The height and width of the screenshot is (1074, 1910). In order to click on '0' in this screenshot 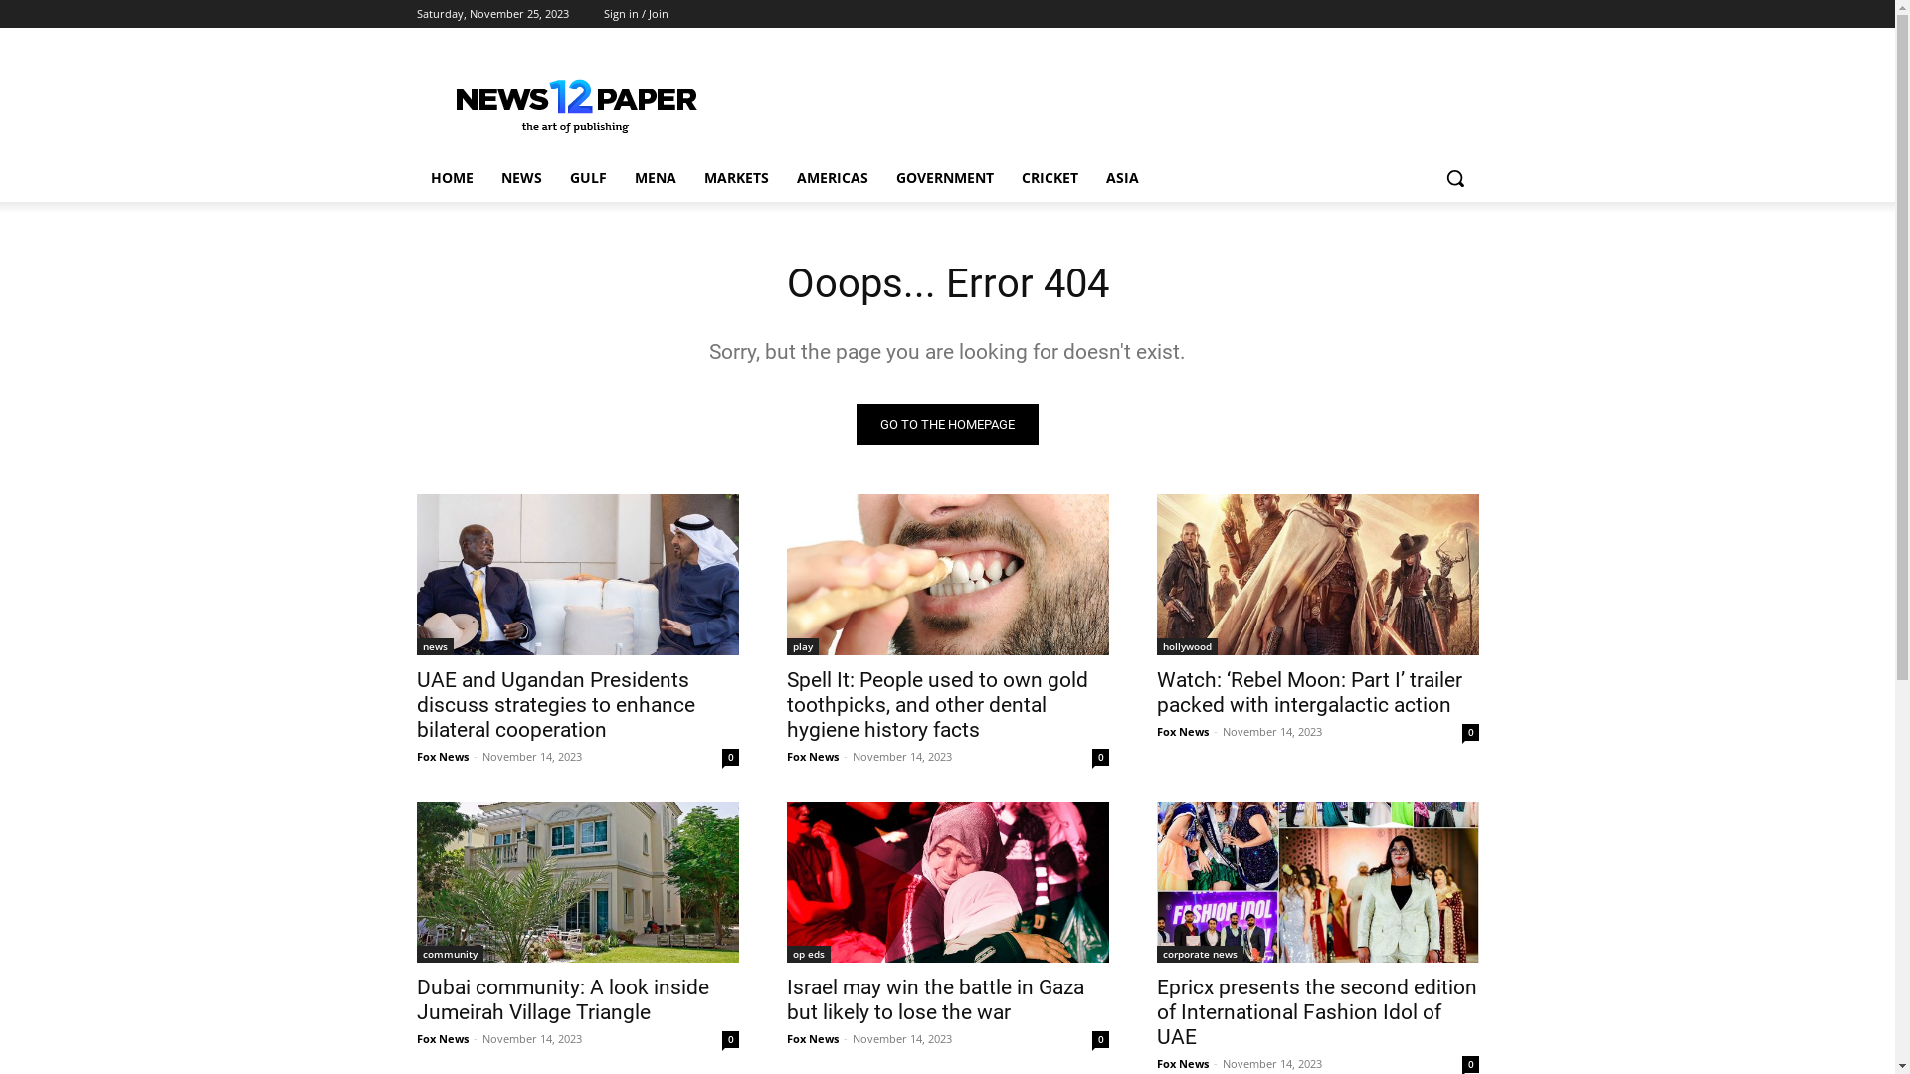, I will do `click(1099, 757)`.